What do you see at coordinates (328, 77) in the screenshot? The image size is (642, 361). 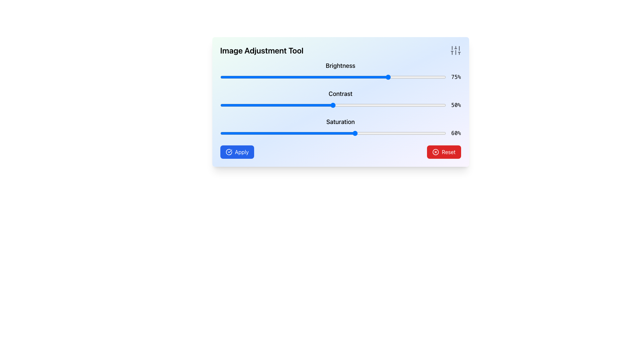 I see `the brightness` at bounding box center [328, 77].